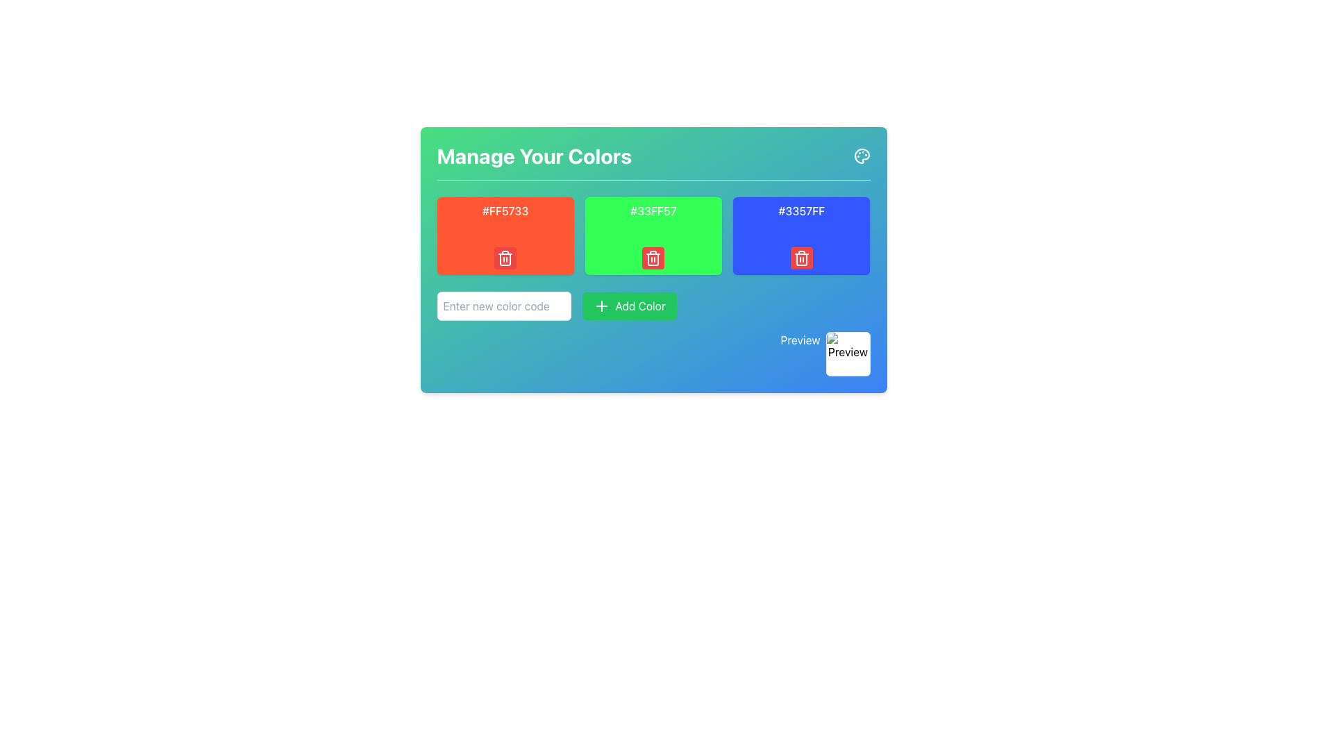 The image size is (1333, 750). Describe the element at coordinates (505, 211) in the screenshot. I see `text displayed in the medium-sized text element with the content '#FF5733', which is styled in white color over an orange rectangular background, located near the top center, under the title 'Manage Your Colors'` at that location.